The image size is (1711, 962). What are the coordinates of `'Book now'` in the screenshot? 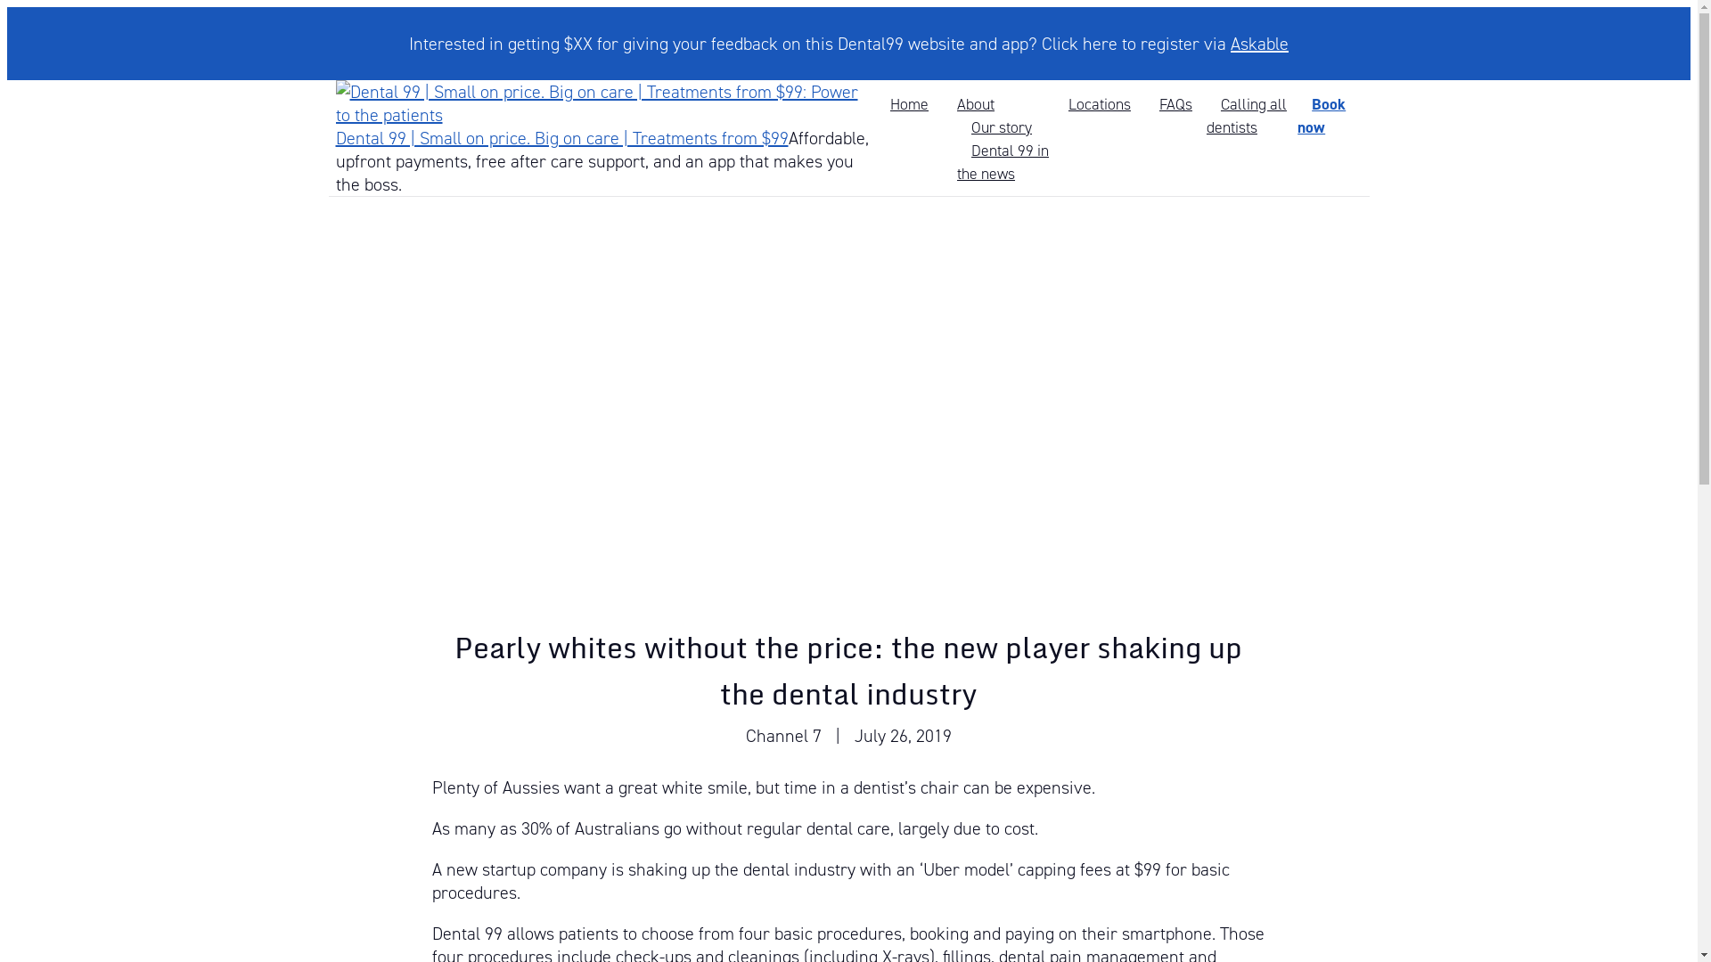 It's located at (1322, 116).